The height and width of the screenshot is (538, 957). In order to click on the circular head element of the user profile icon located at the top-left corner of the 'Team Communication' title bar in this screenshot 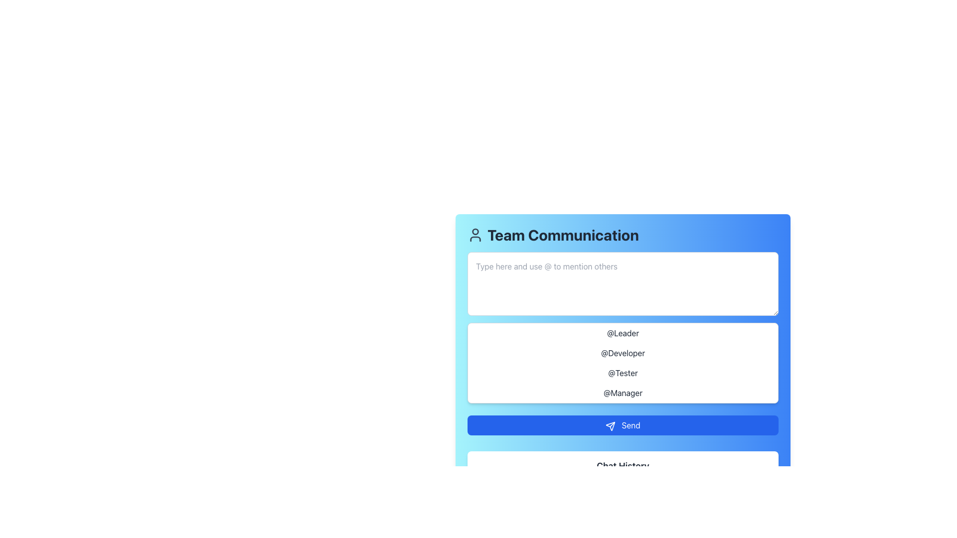, I will do `click(475, 232)`.